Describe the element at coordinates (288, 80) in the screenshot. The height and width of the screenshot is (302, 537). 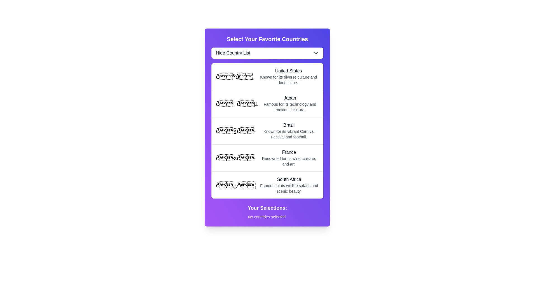
I see `the text block displaying 'Known for its diverse culture and landscape.' which is located beneath the header 'United States'` at that location.